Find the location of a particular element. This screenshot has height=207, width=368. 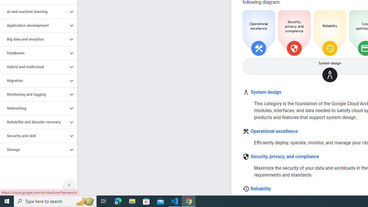

'Reliability' is located at coordinates (260, 189).